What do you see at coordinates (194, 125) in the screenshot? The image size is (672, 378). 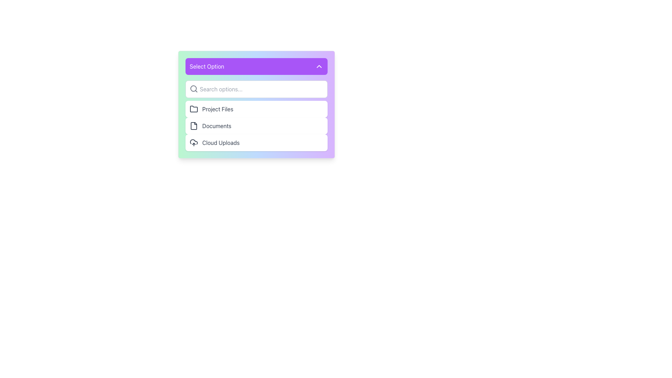 I see `the document file icon located within the 'Documents' menu item in the dropdown list` at bounding box center [194, 125].